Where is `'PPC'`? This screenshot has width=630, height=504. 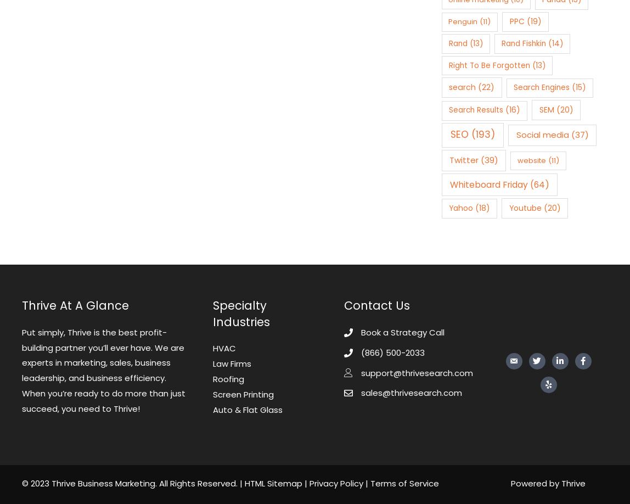
'PPC' is located at coordinates (516, 21).